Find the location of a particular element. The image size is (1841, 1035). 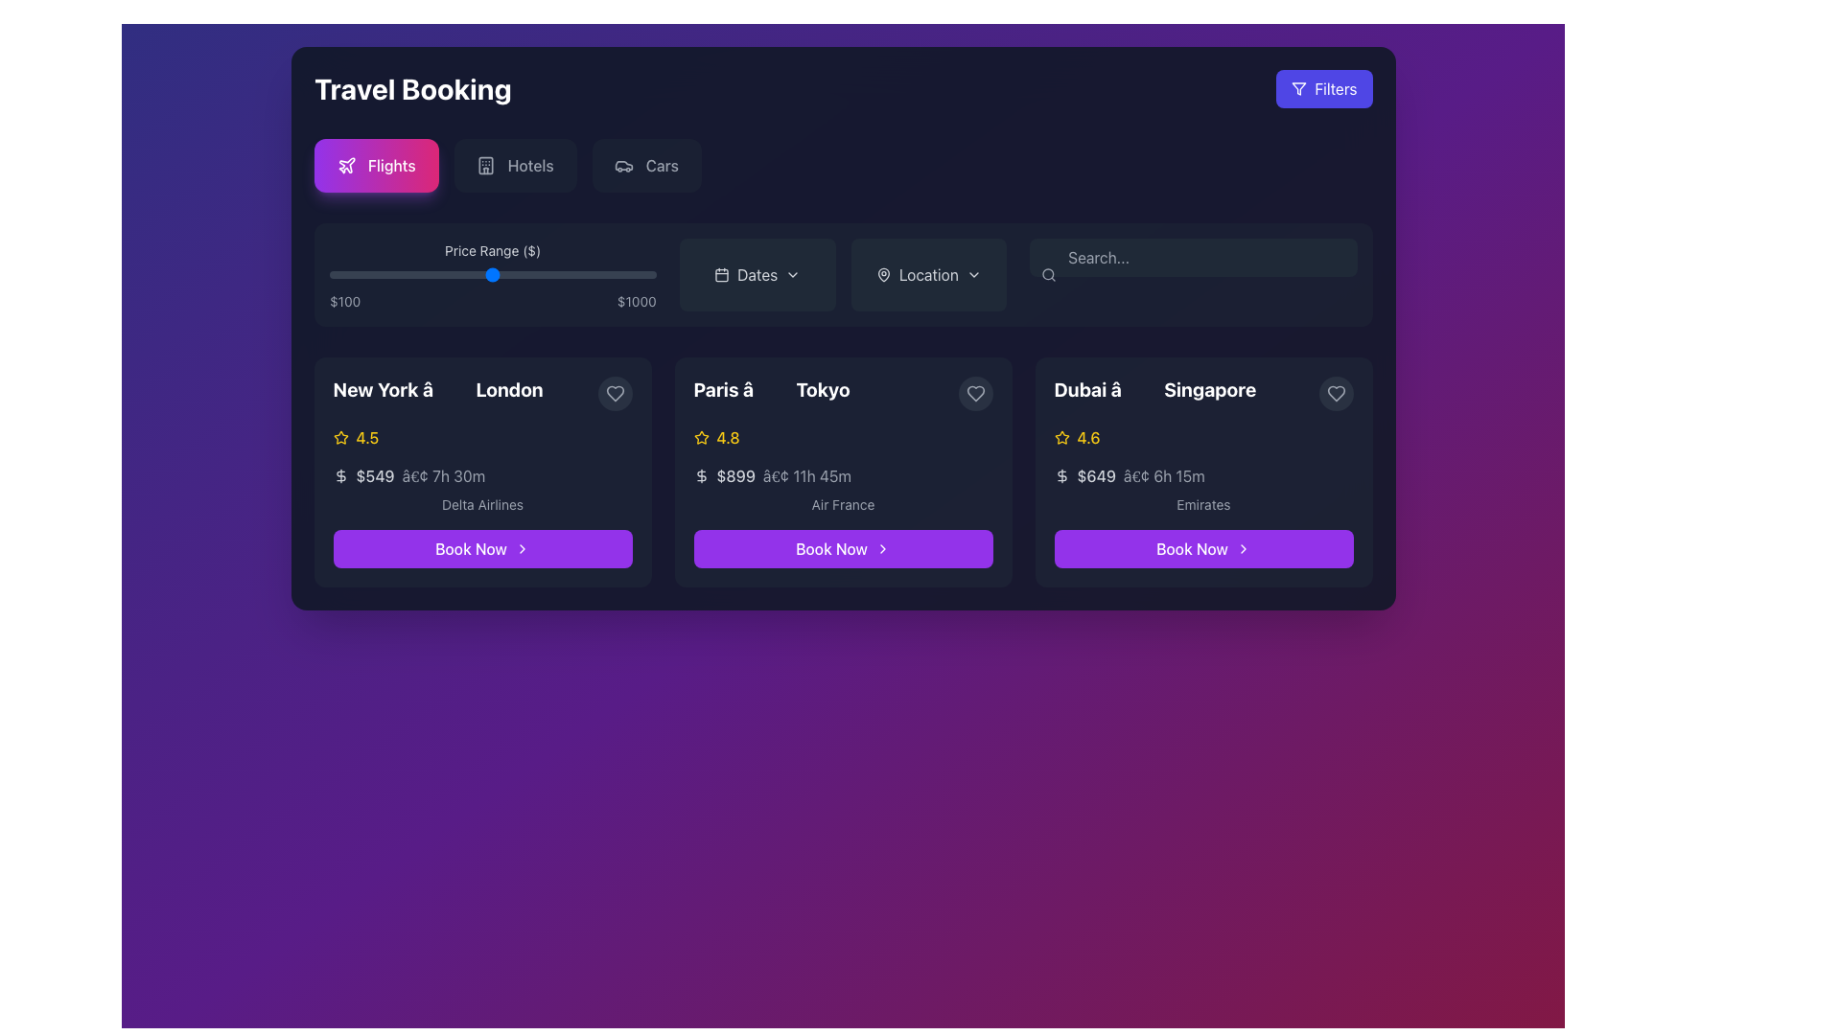

the 'Book Now' button which is a vibrant purple rectangular button with bold white text, located in the second card of a horizontal triplet, to enable keyboard interaction is located at coordinates (831, 549).